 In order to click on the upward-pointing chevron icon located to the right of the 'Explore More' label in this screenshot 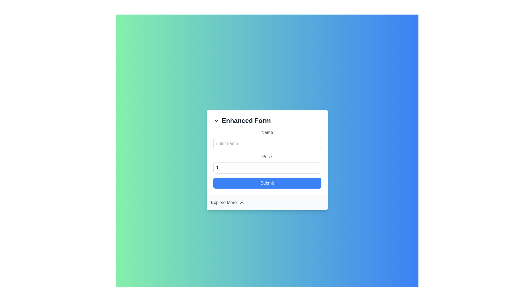, I will do `click(242, 203)`.